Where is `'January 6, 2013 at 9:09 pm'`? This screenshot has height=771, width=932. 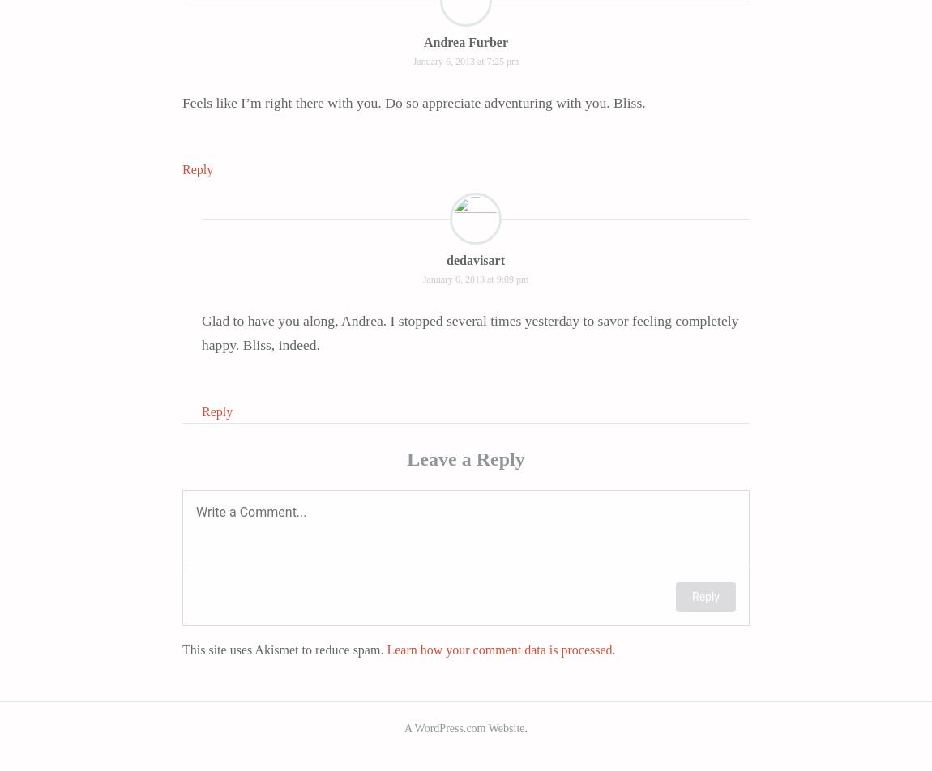
'January 6, 2013 at 9:09 pm' is located at coordinates (474, 279).